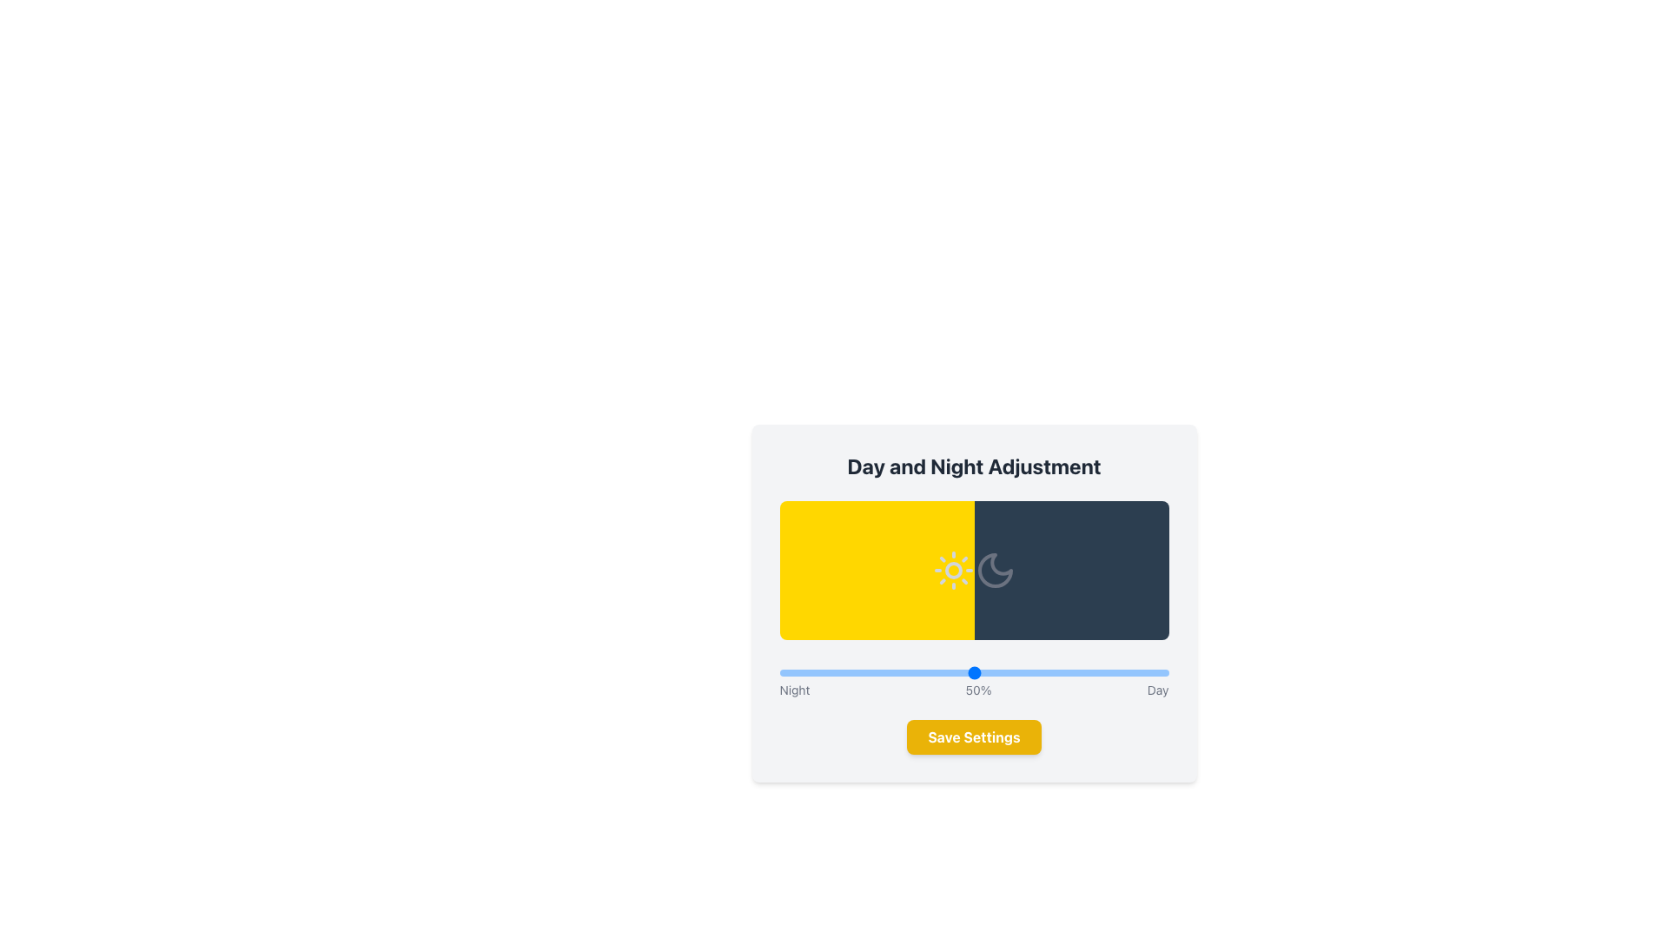 This screenshot has width=1668, height=938. What do you see at coordinates (907, 672) in the screenshot?
I see `the day-night adjustment` at bounding box center [907, 672].